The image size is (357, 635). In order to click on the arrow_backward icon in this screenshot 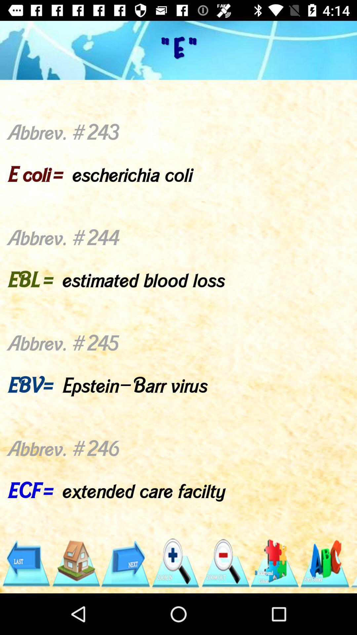, I will do `click(25, 563)`.